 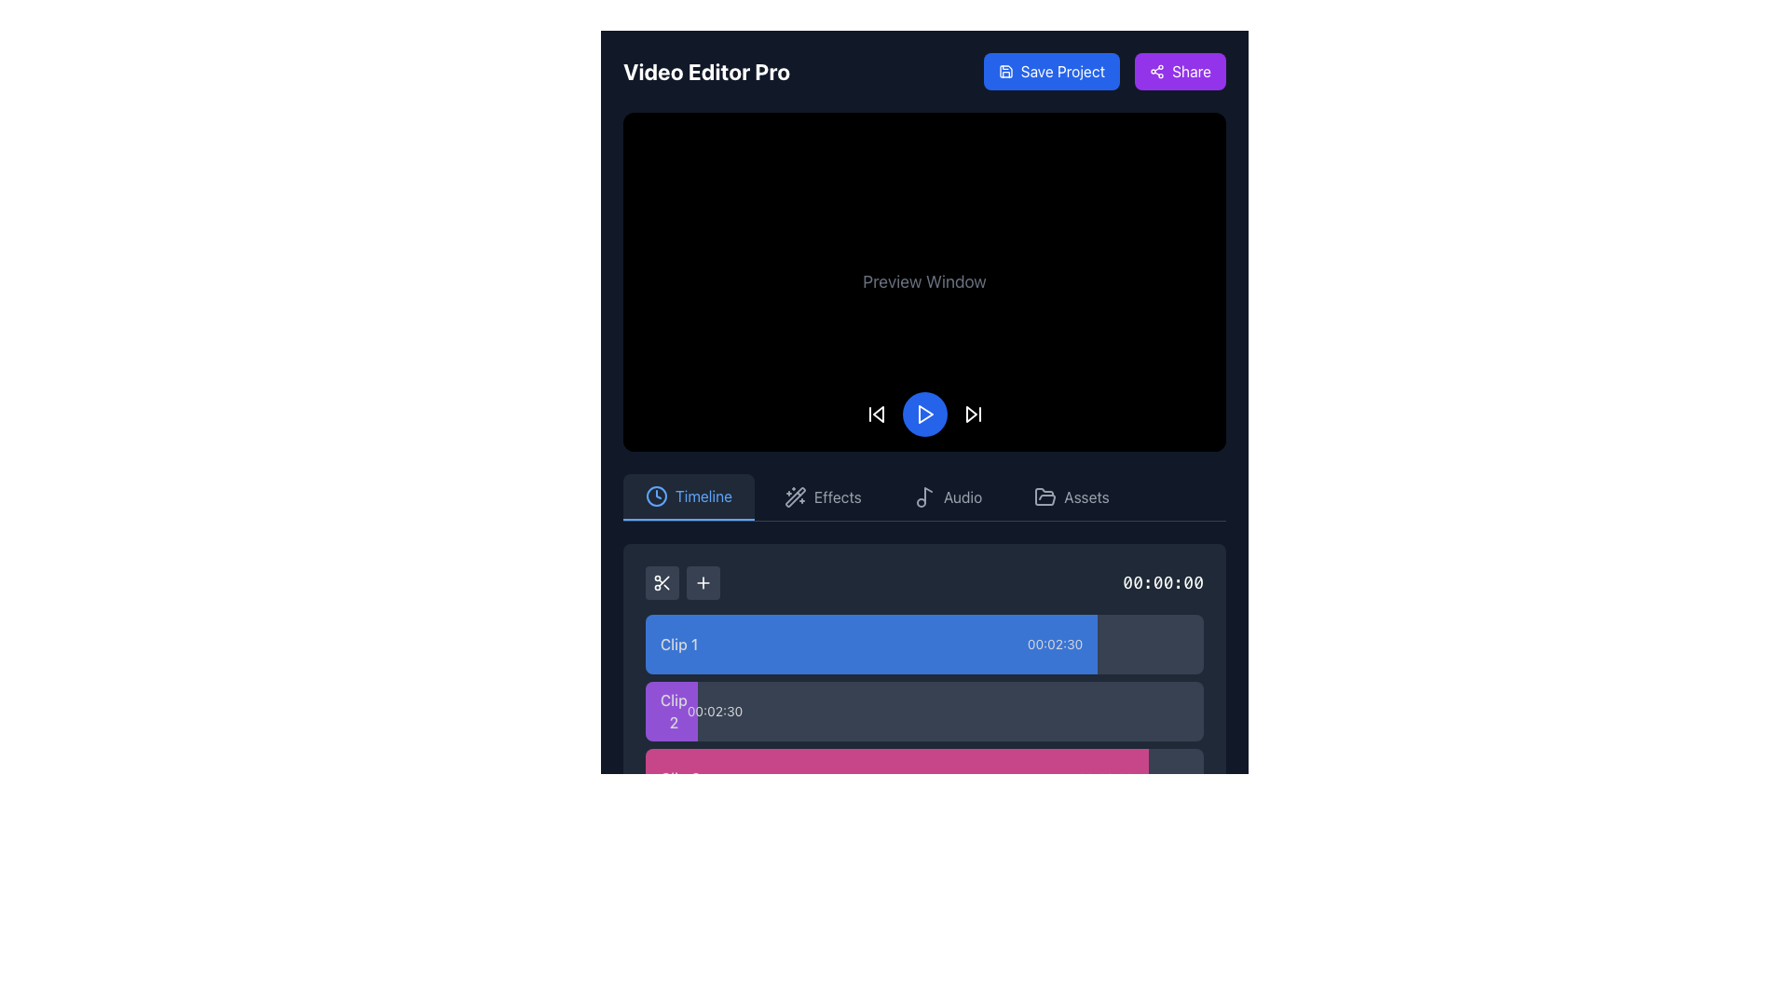 I want to click on the 'Effects' text label in the menu bar, so click(x=837, y=496).